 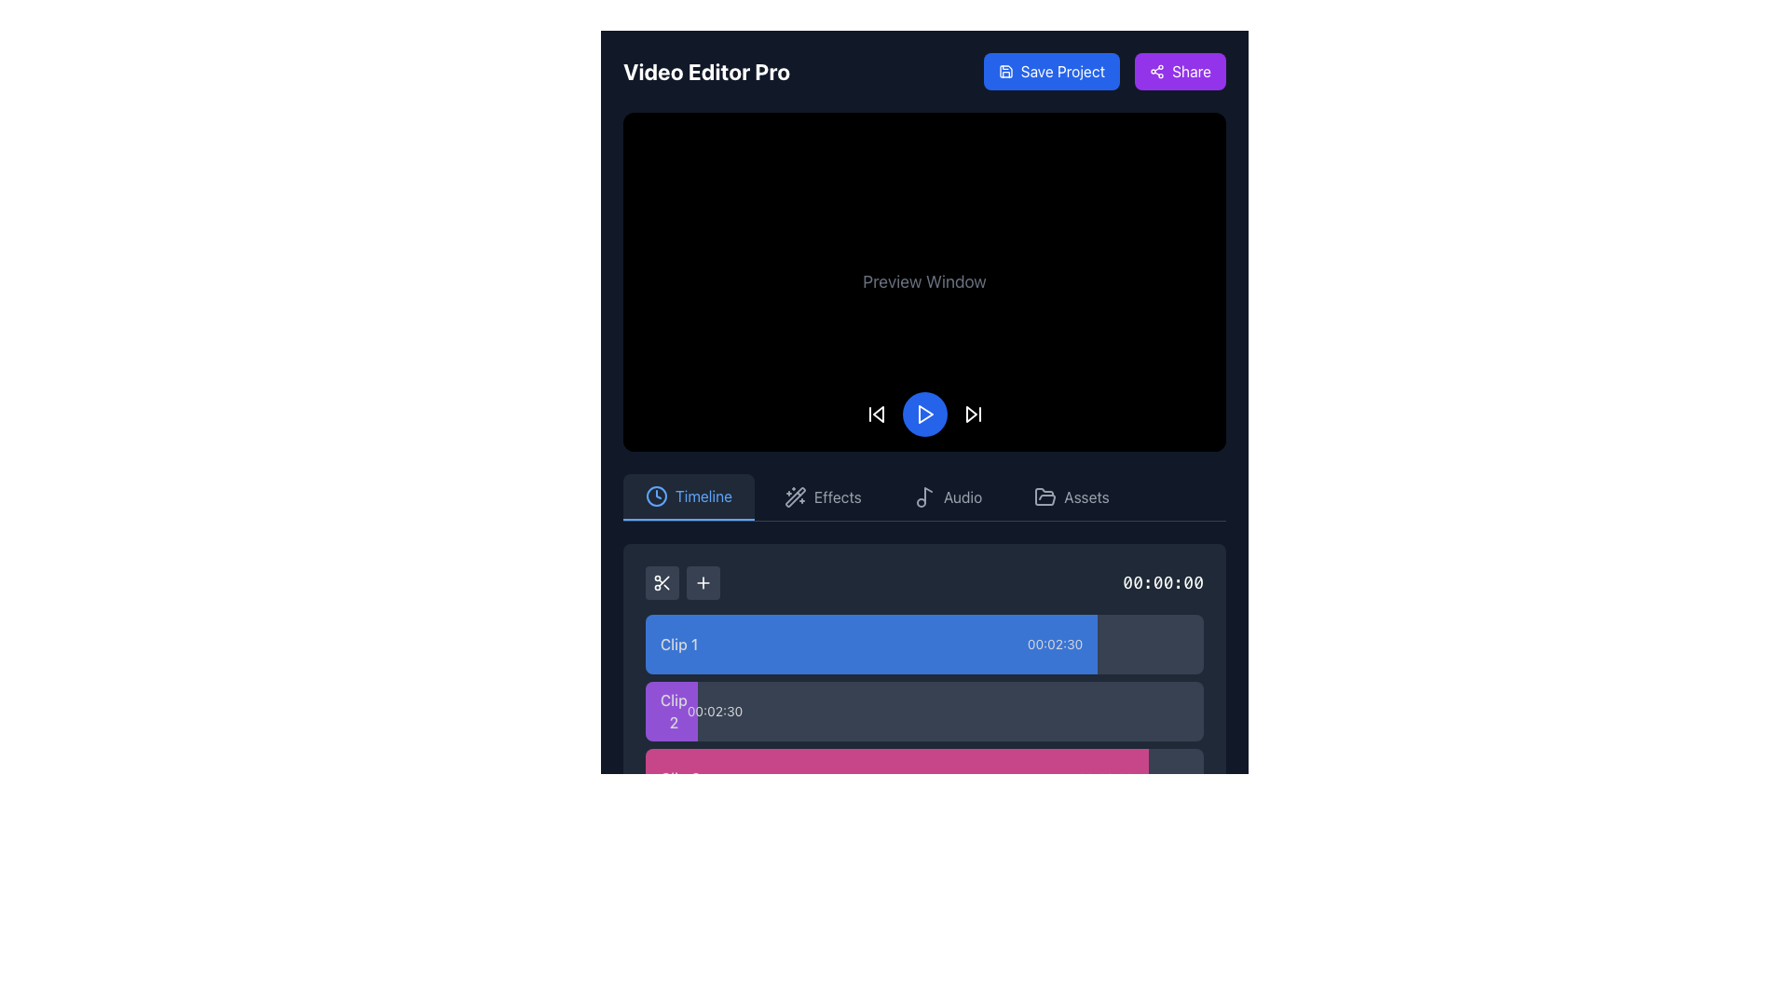 I want to click on the 'Effects' text label in the menu bar, so click(x=837, y=496).